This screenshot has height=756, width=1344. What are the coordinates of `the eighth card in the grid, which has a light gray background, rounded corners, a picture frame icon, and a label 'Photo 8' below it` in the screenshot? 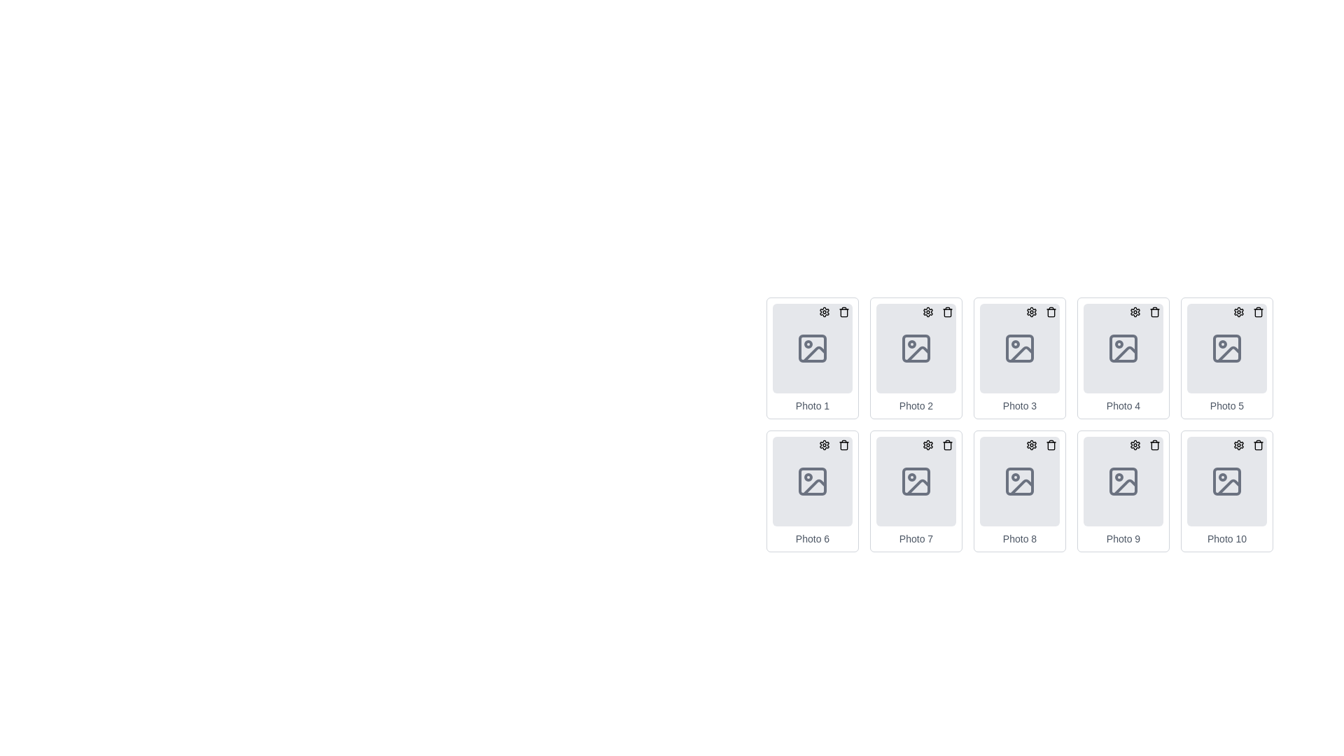 It's located at (1020, 491).